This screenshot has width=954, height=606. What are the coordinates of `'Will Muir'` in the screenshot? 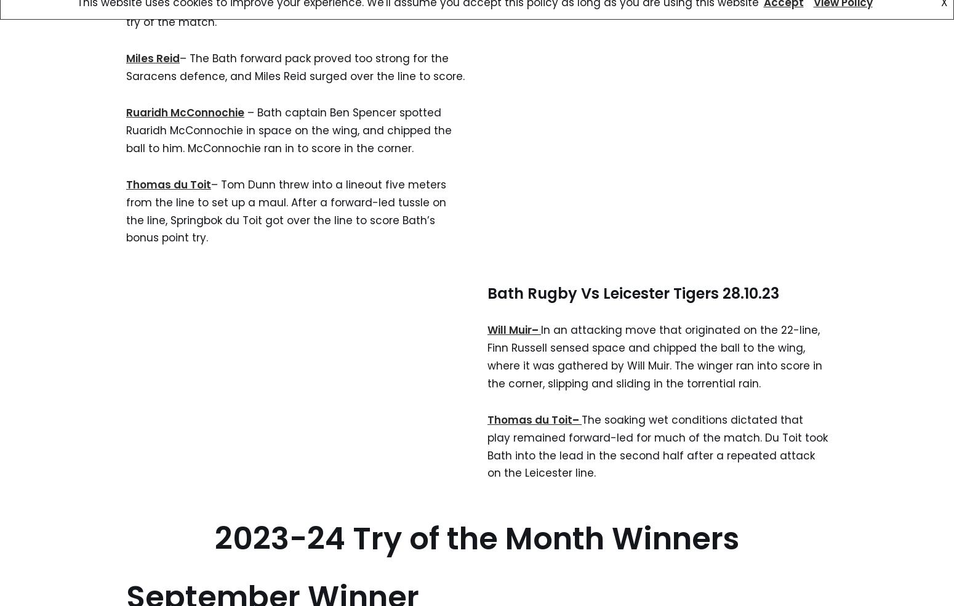 It's located at (509, 329).